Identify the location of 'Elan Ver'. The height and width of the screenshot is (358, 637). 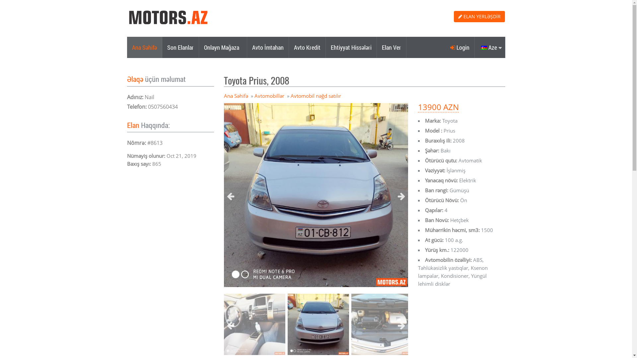
(377, 47).